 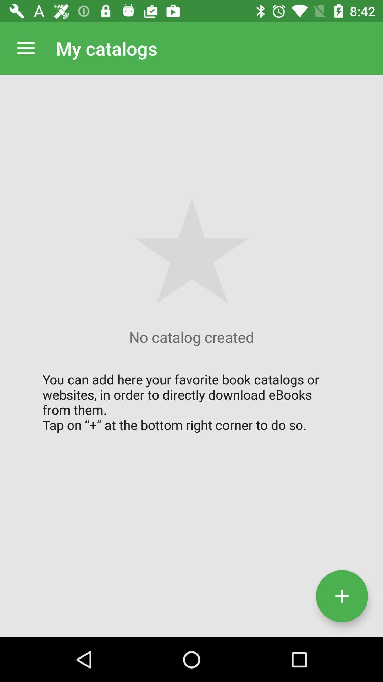 I want to click on item to the left of my catalogs app, so click(x=26, y=48).